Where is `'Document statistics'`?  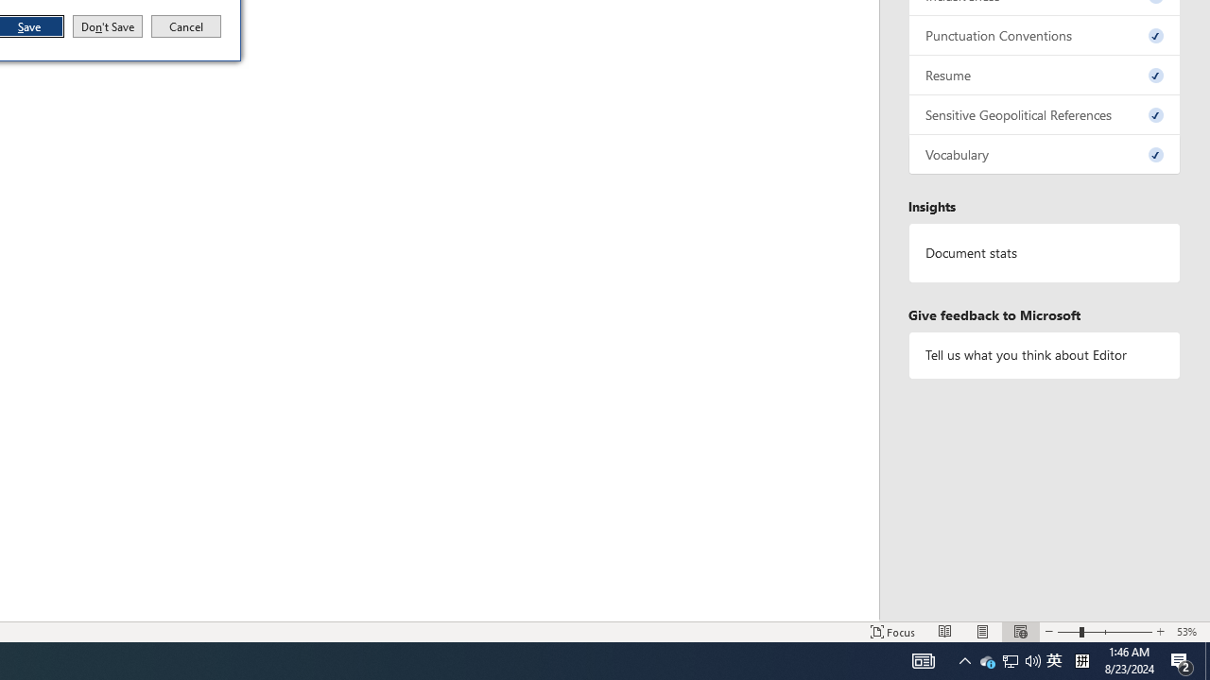 'Document statistics' is located at coordinates (1044, 251).